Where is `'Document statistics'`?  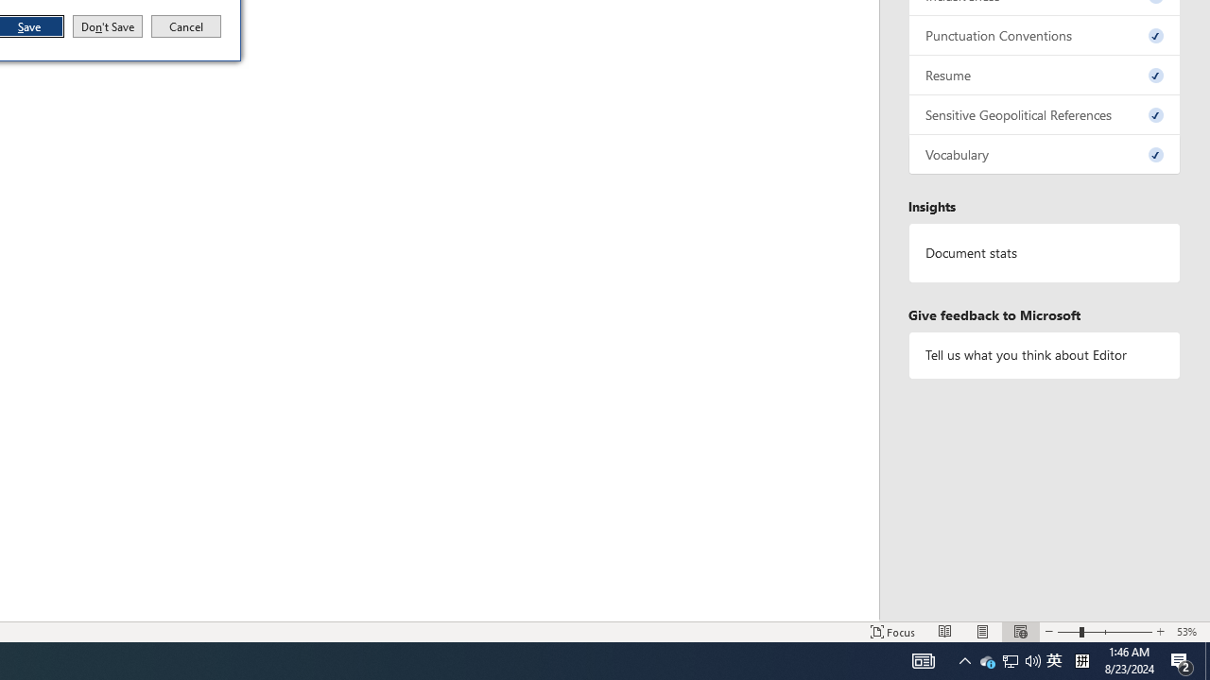 'Document statistics' is located at coordinates (1044, 251).